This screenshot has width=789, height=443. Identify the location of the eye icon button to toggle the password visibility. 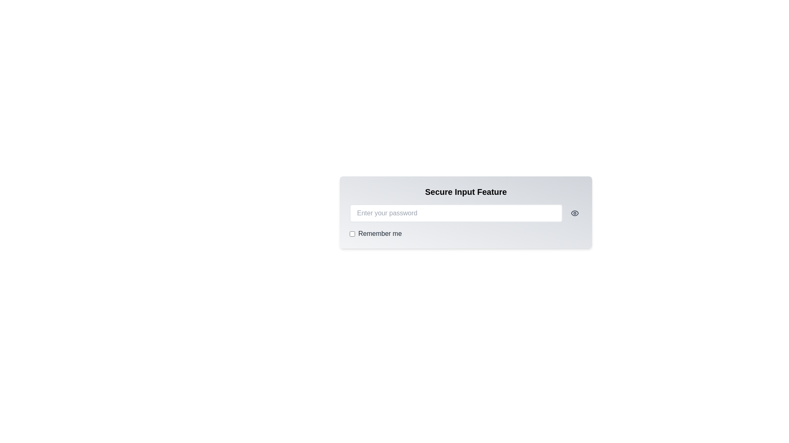
(574, 213).